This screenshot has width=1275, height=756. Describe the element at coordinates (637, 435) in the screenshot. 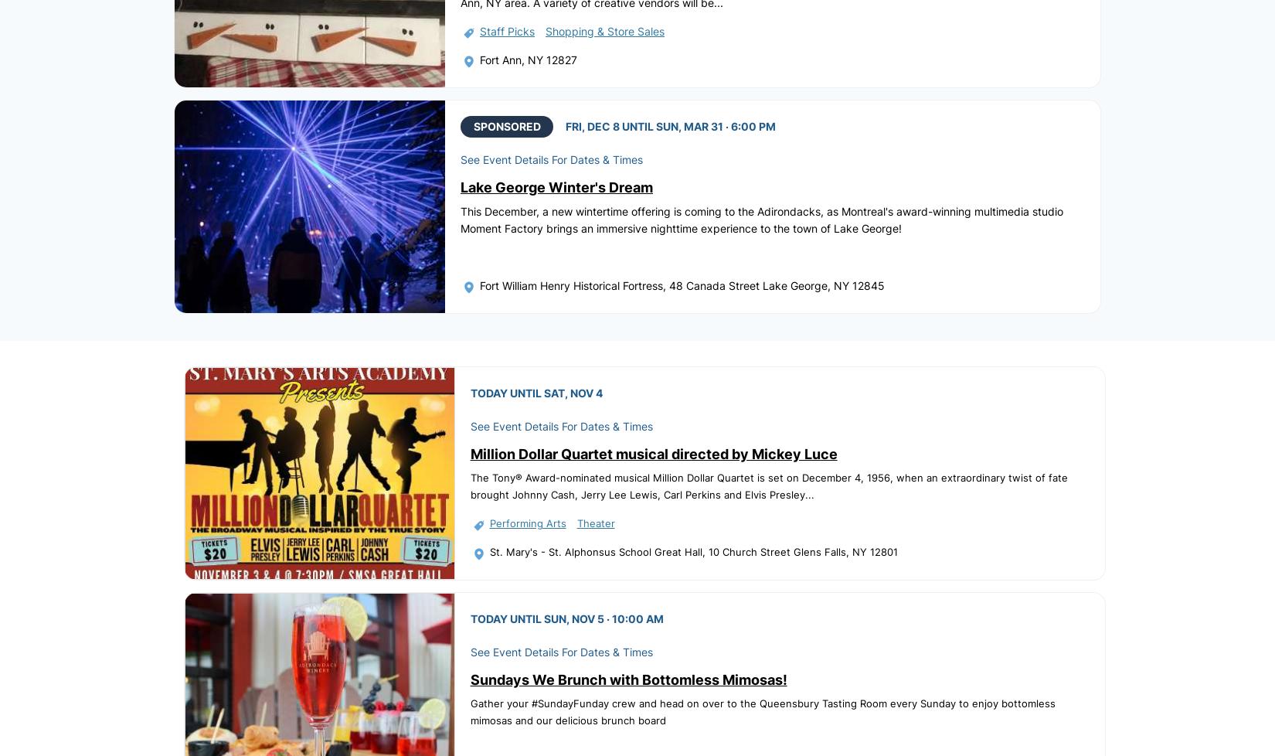

I see `'Sitemap'` at that location.